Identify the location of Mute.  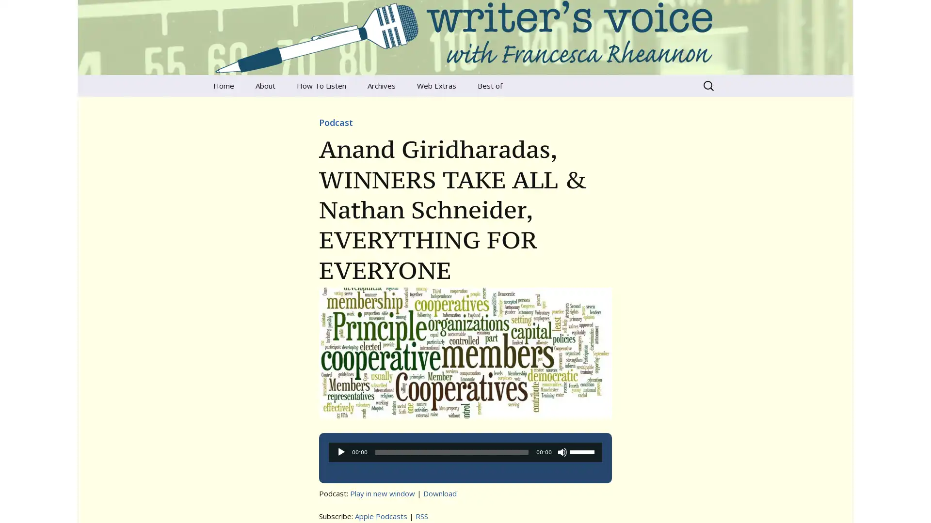
(562, 452).